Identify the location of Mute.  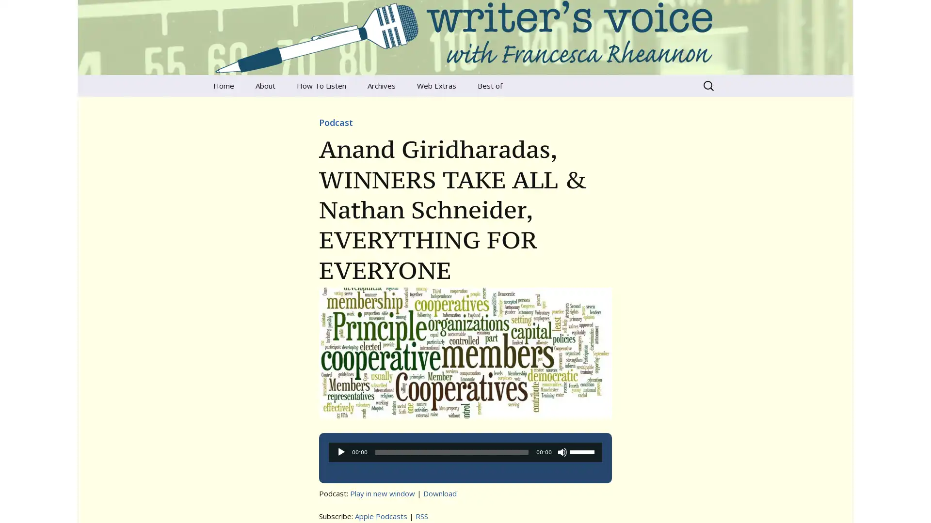
(562, 452).